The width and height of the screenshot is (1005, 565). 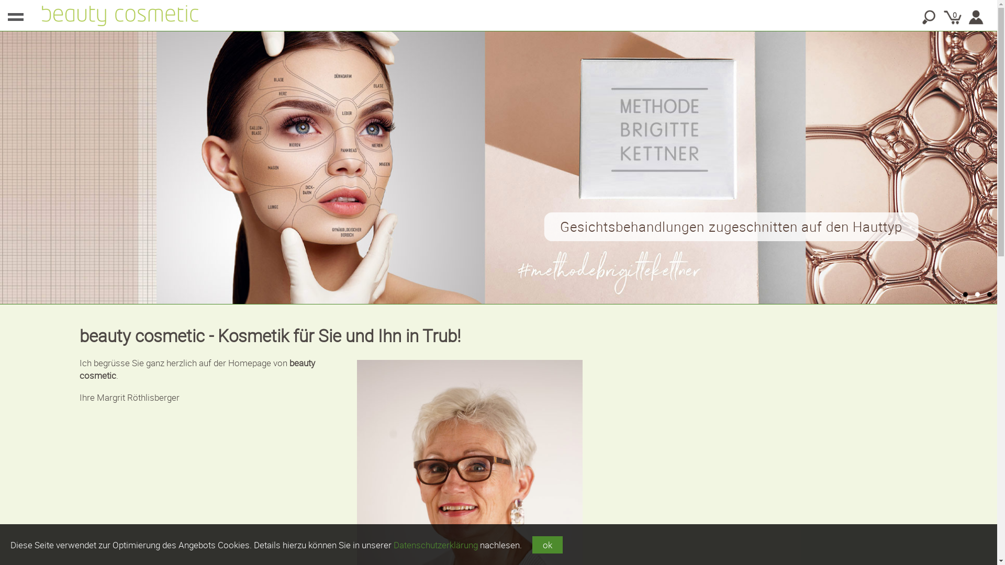 I want to click on 'Benutzerkonto', so click(x=976, y=17).